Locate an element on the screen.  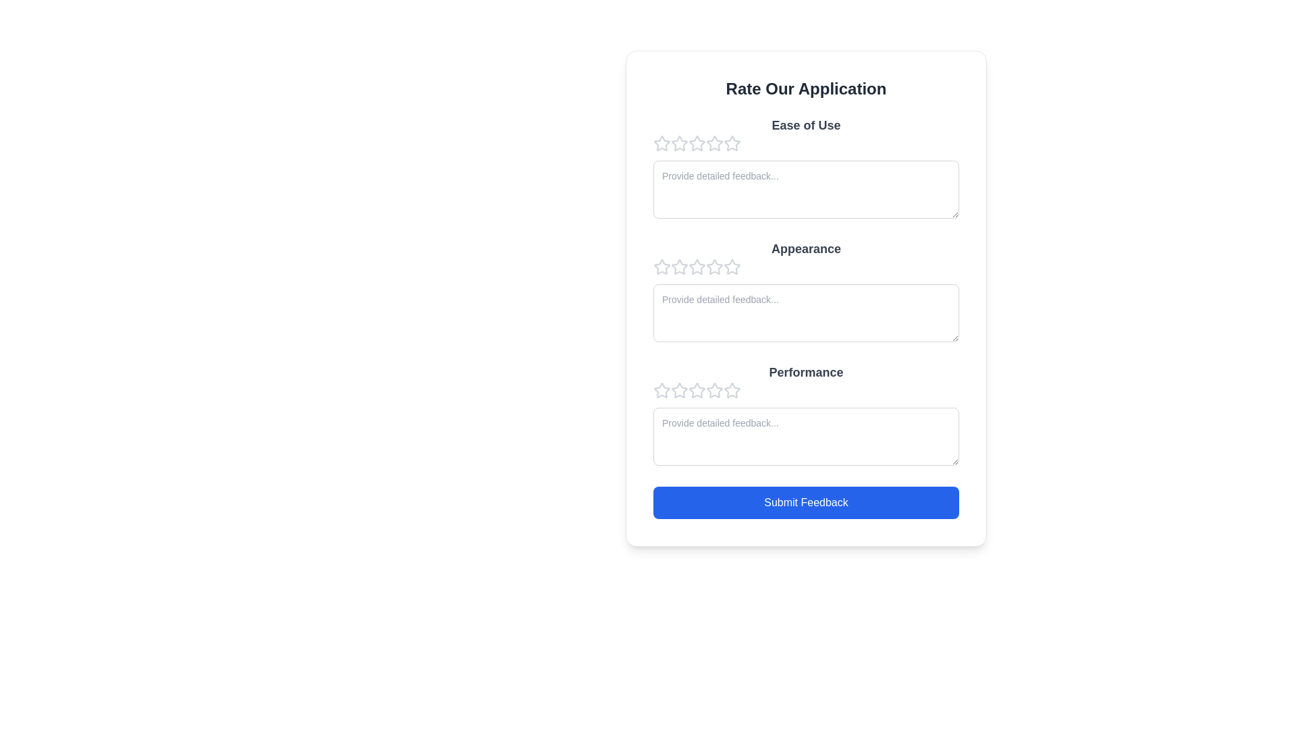
the third star in the rating system under the 'Appearance' section of the 'Rate Our Application' form is located at coordinates (680, 267).